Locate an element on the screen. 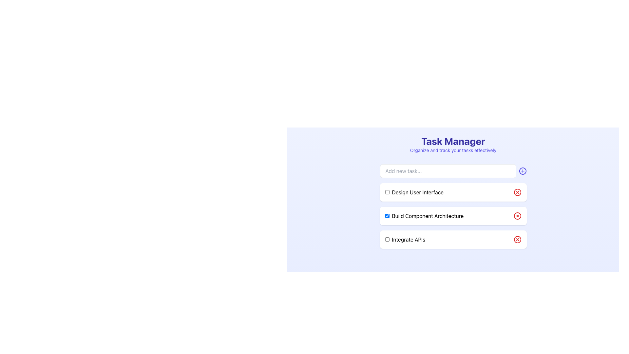 This screenshot has height=354, width=629. the text label reading 'Design User Interface' located next is located at coordinates (414, 192).